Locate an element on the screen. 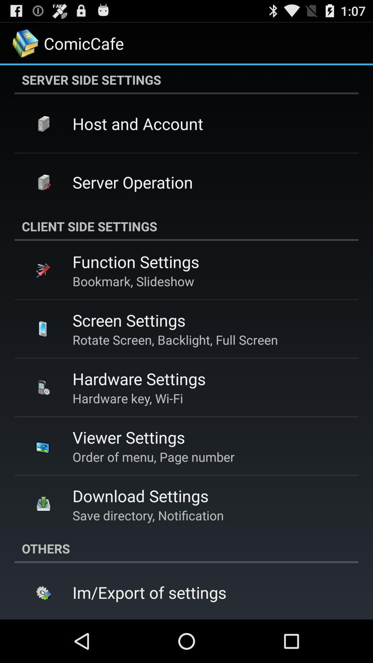  app below bookmark, slideshow app is located at coordinates (129, 320).